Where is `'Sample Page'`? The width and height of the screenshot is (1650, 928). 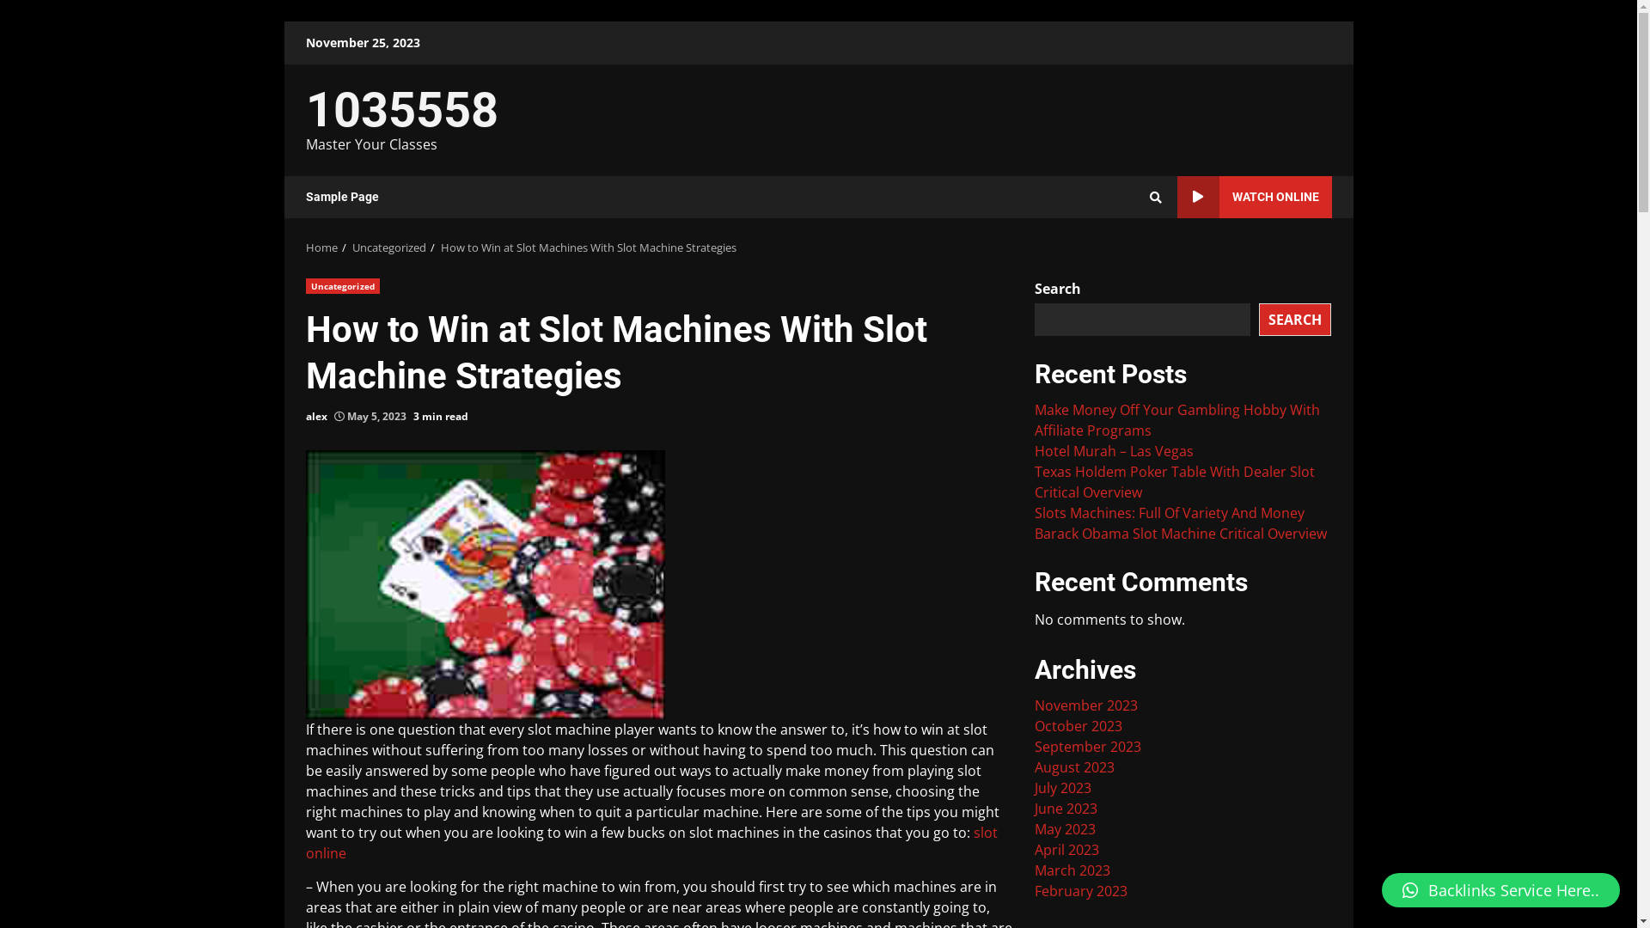
'Sample Page' is located at coordinates (305, 196).